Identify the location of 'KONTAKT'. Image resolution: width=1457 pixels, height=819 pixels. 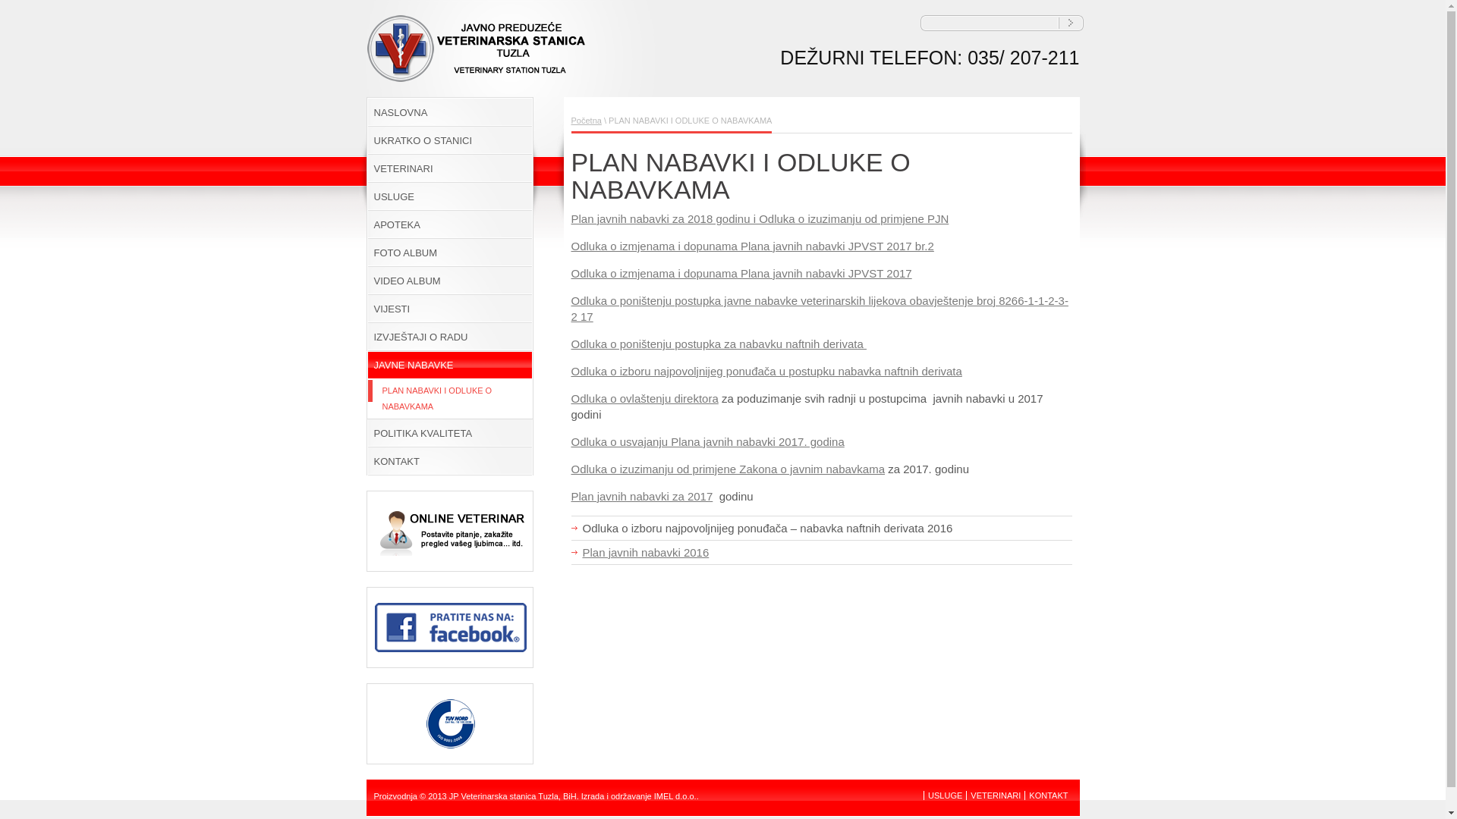
(1047, 795).